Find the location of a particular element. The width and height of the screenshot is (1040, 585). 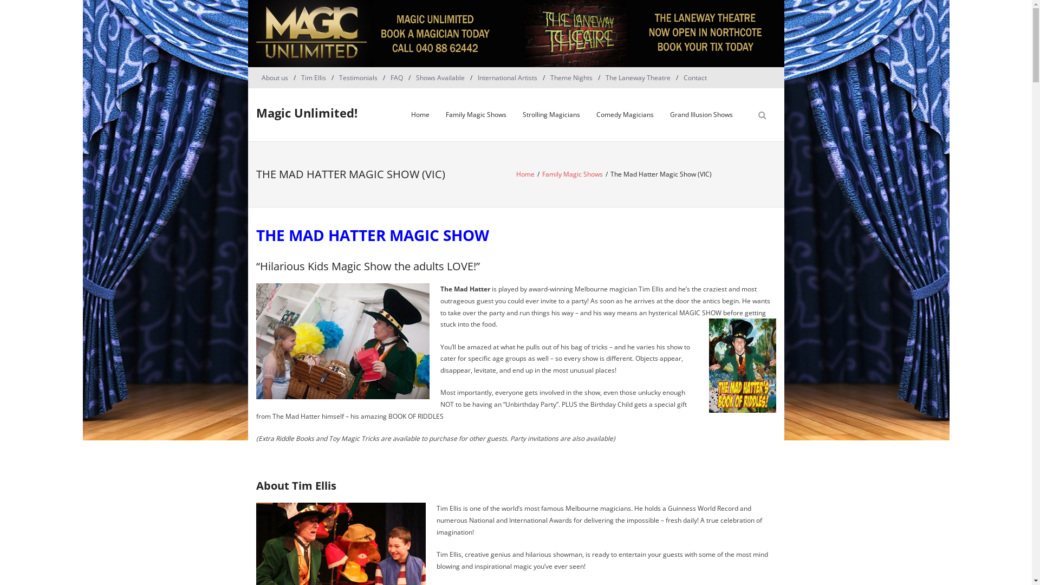

'Testimonials' is located at coordinates (333, 77).